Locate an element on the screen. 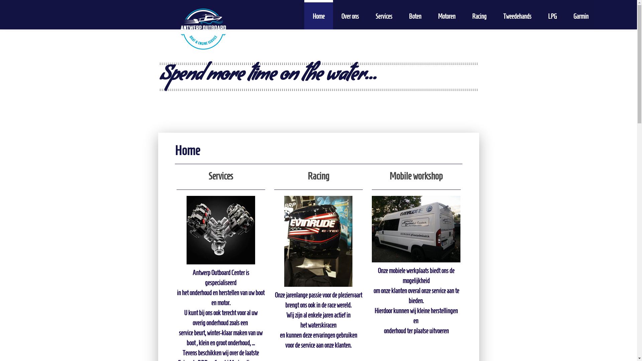 The width and height of the screenshot is (642, 361). 'Boten' is located at coordinates (415, 14).